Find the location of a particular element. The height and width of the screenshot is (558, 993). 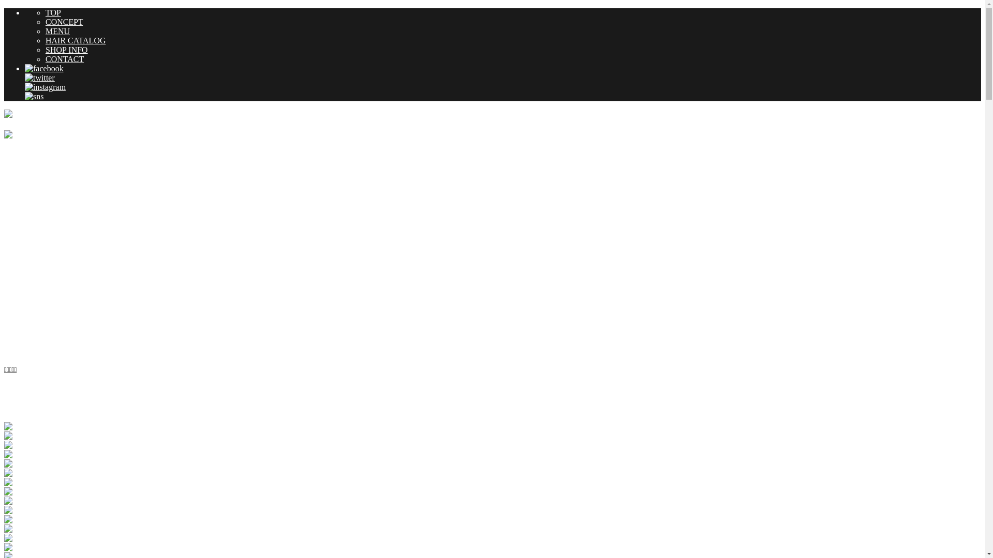

'twitter' is located at coordinates (39, 77).